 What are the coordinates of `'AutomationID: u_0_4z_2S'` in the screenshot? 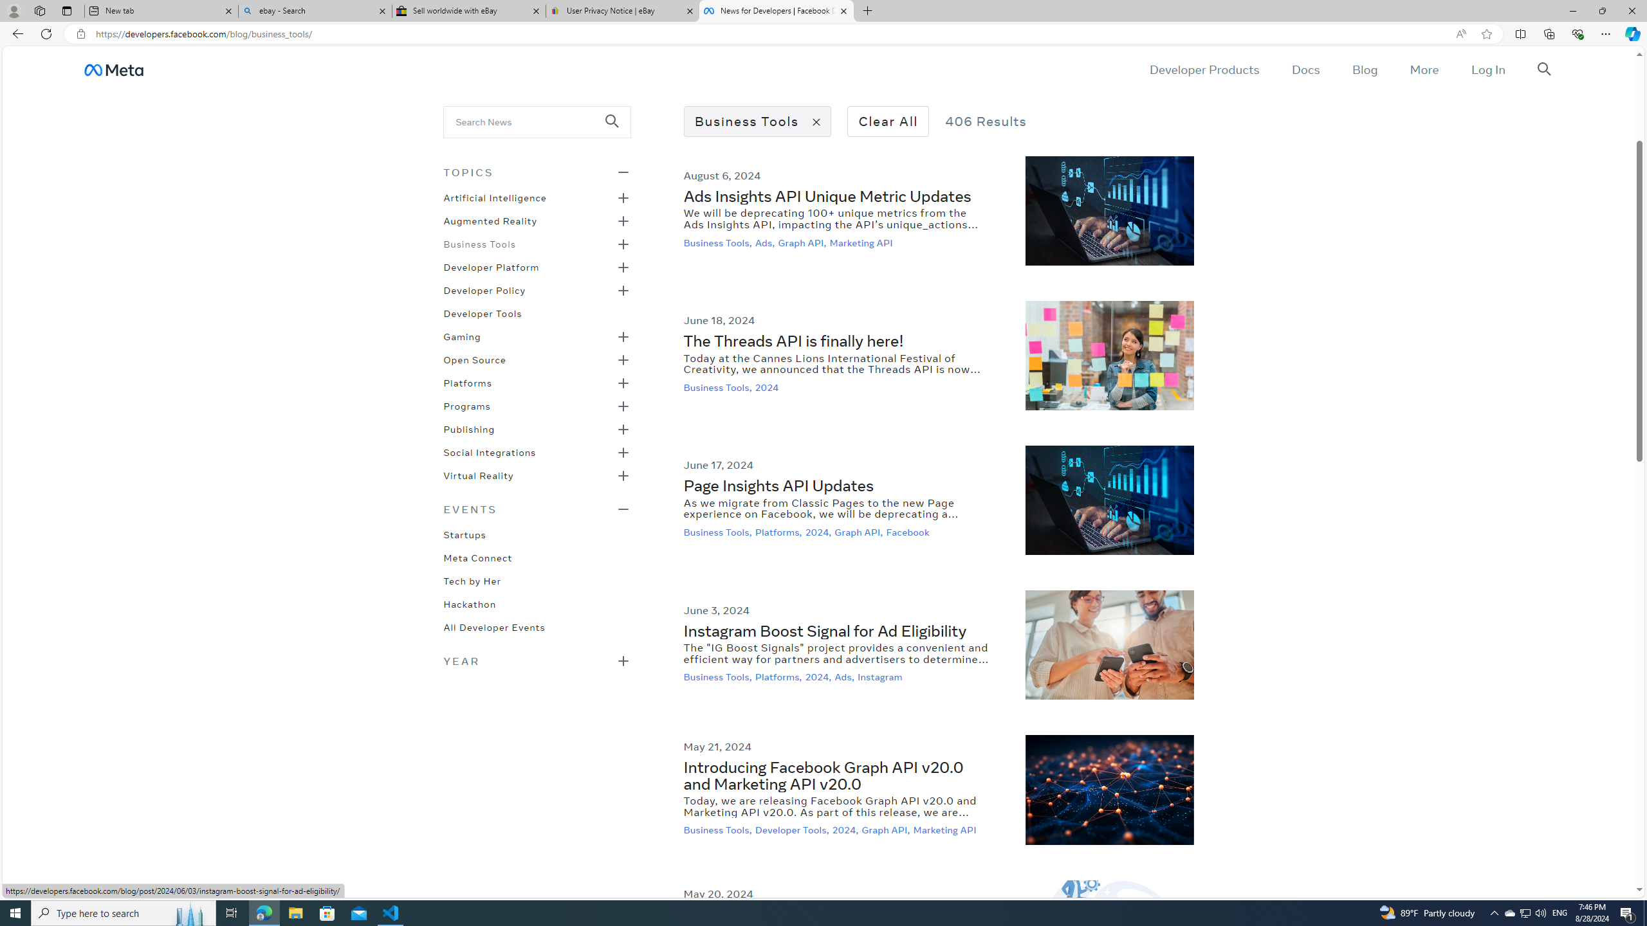 It's located at (113, 69).